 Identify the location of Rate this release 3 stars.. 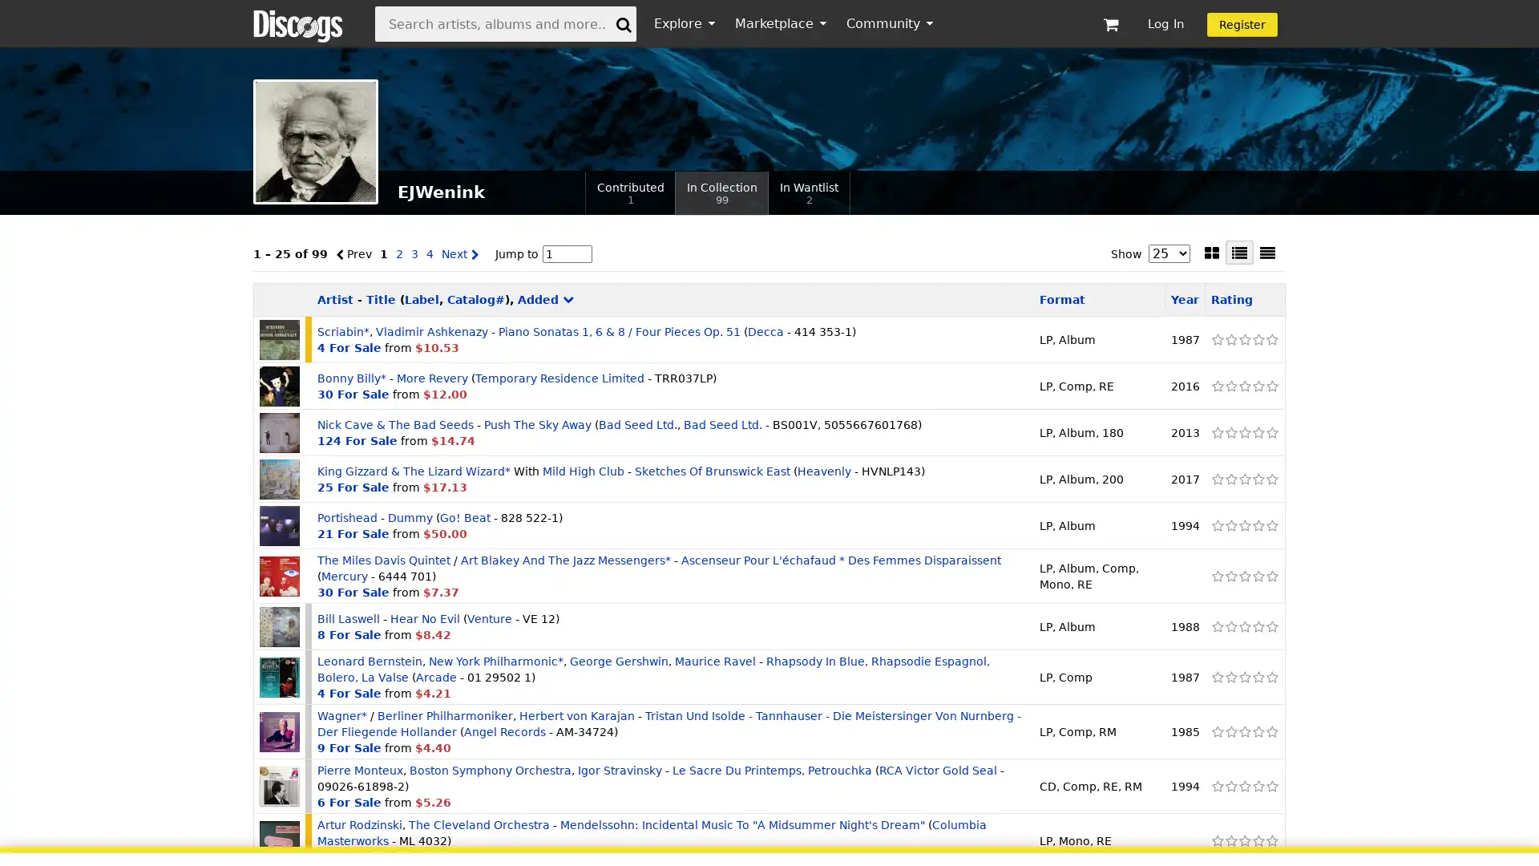
(1243, 433).